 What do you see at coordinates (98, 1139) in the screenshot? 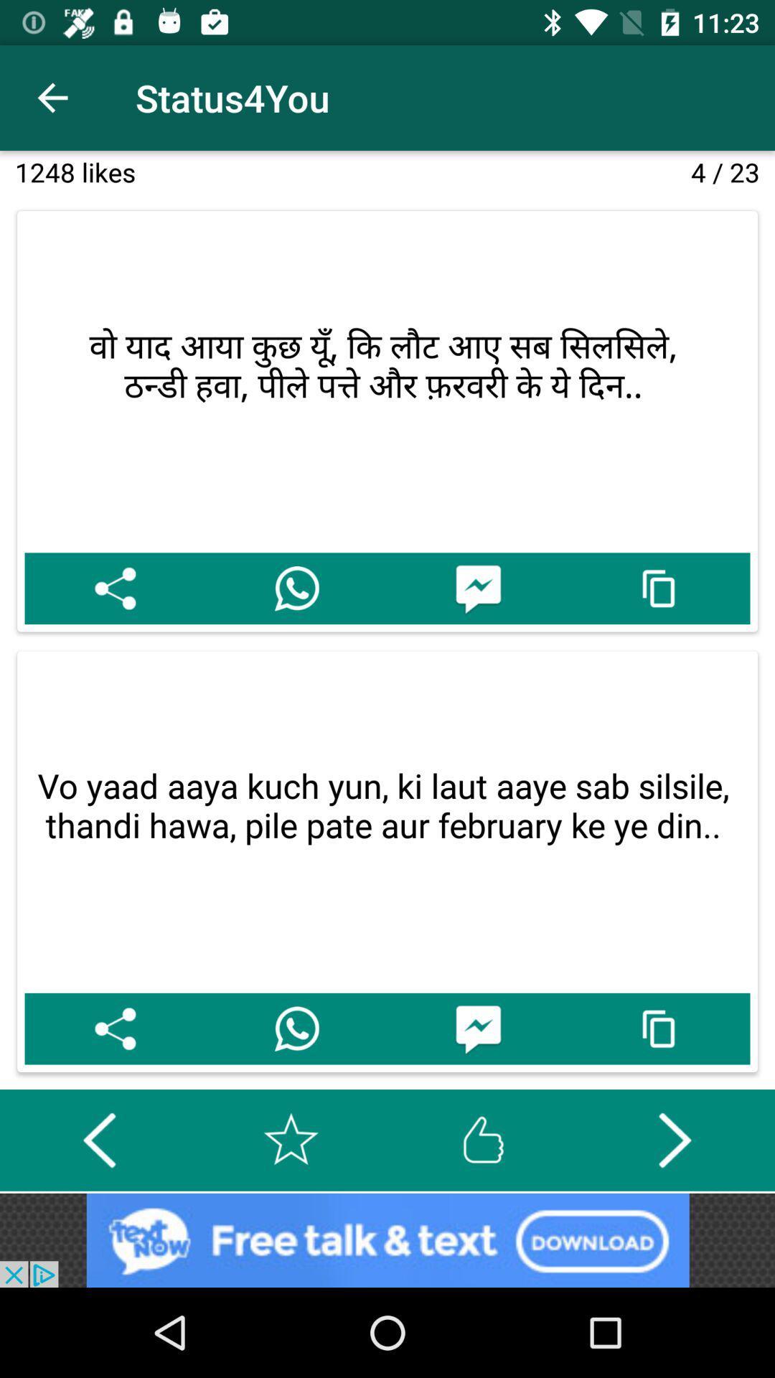
I see `the arrow_backward icon` at bounding box center [98, 1139].